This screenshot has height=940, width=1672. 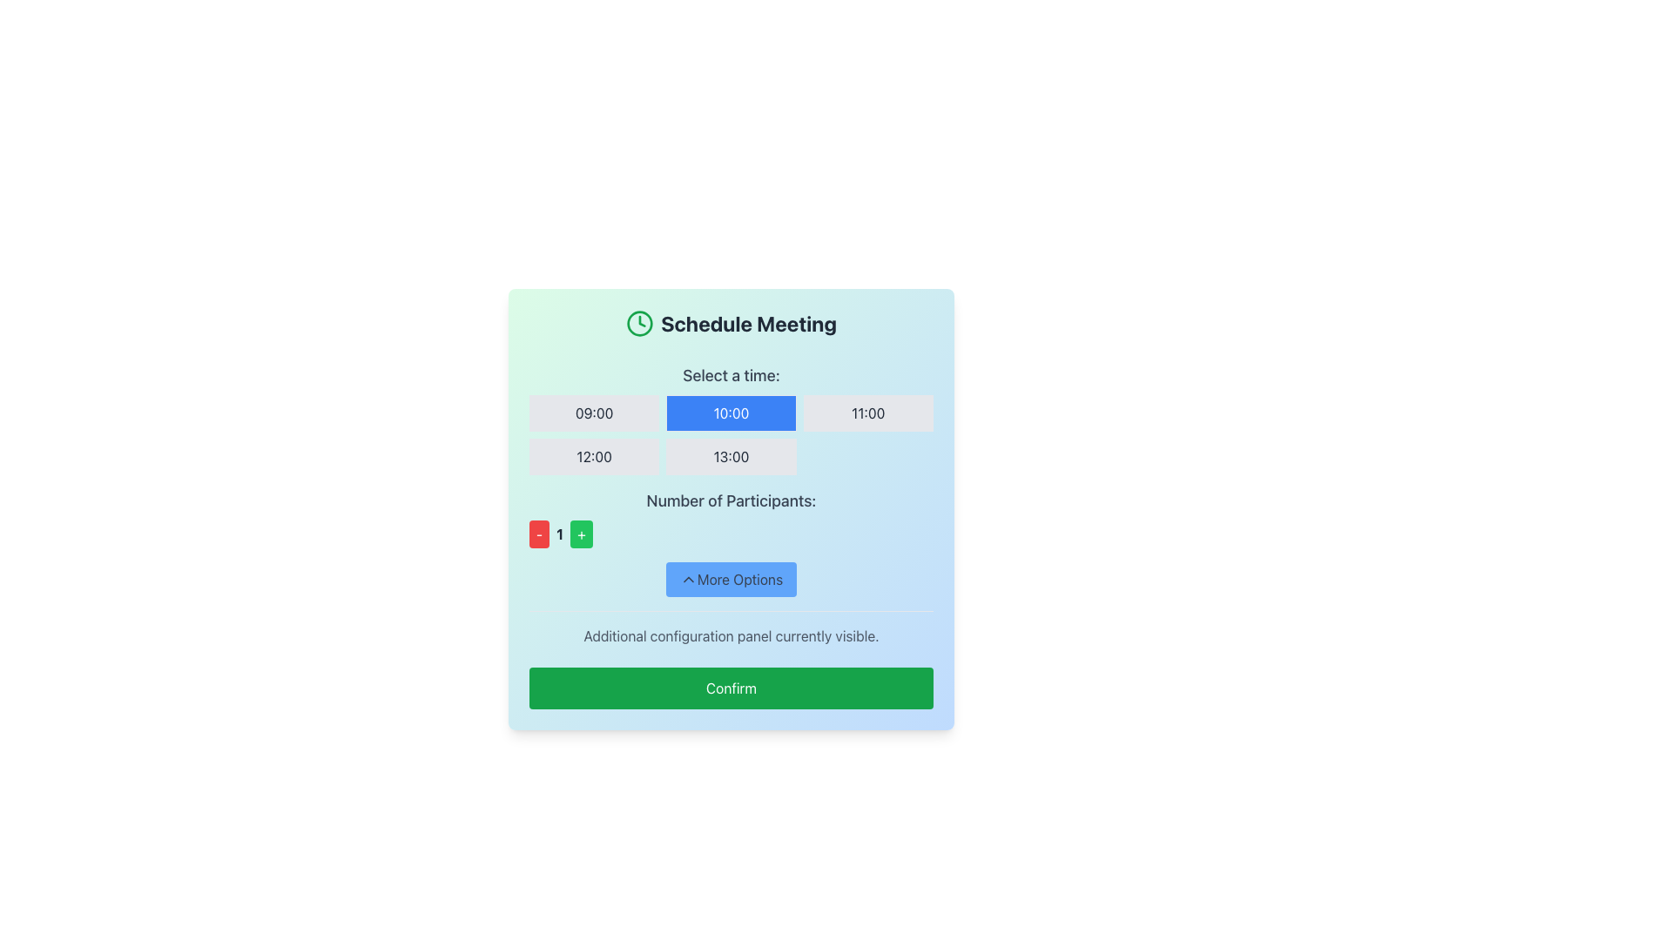 I want to click on the '10:00' button, which is the second button in the top row of a grid labeled 'Select a time:'. It has a blue background and white text, distinguishing it from the other buttons, so click(x=731, y=434).